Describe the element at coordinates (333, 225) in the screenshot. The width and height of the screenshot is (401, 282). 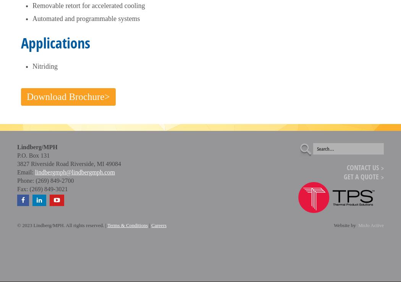
I see `'Website by'` at that location.